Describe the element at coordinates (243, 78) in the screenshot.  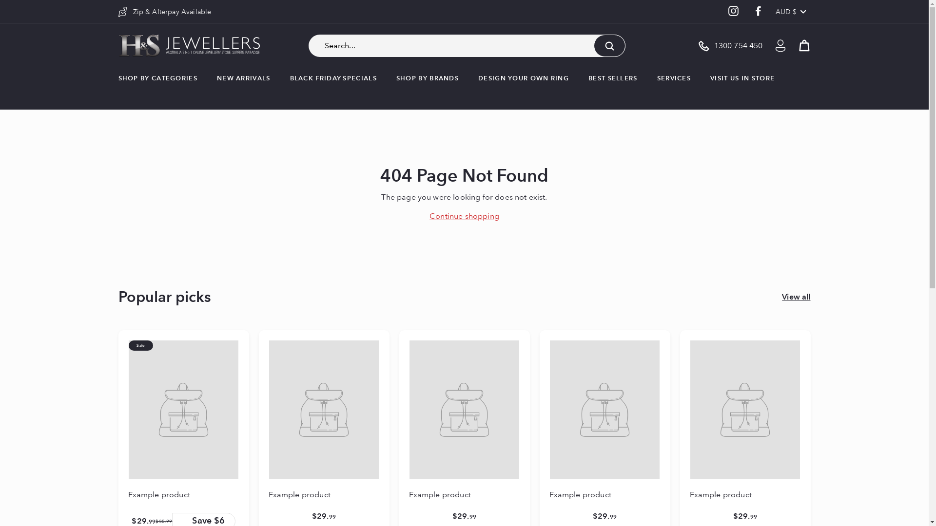
I see `'NEW ARRIVALS'` at that location.